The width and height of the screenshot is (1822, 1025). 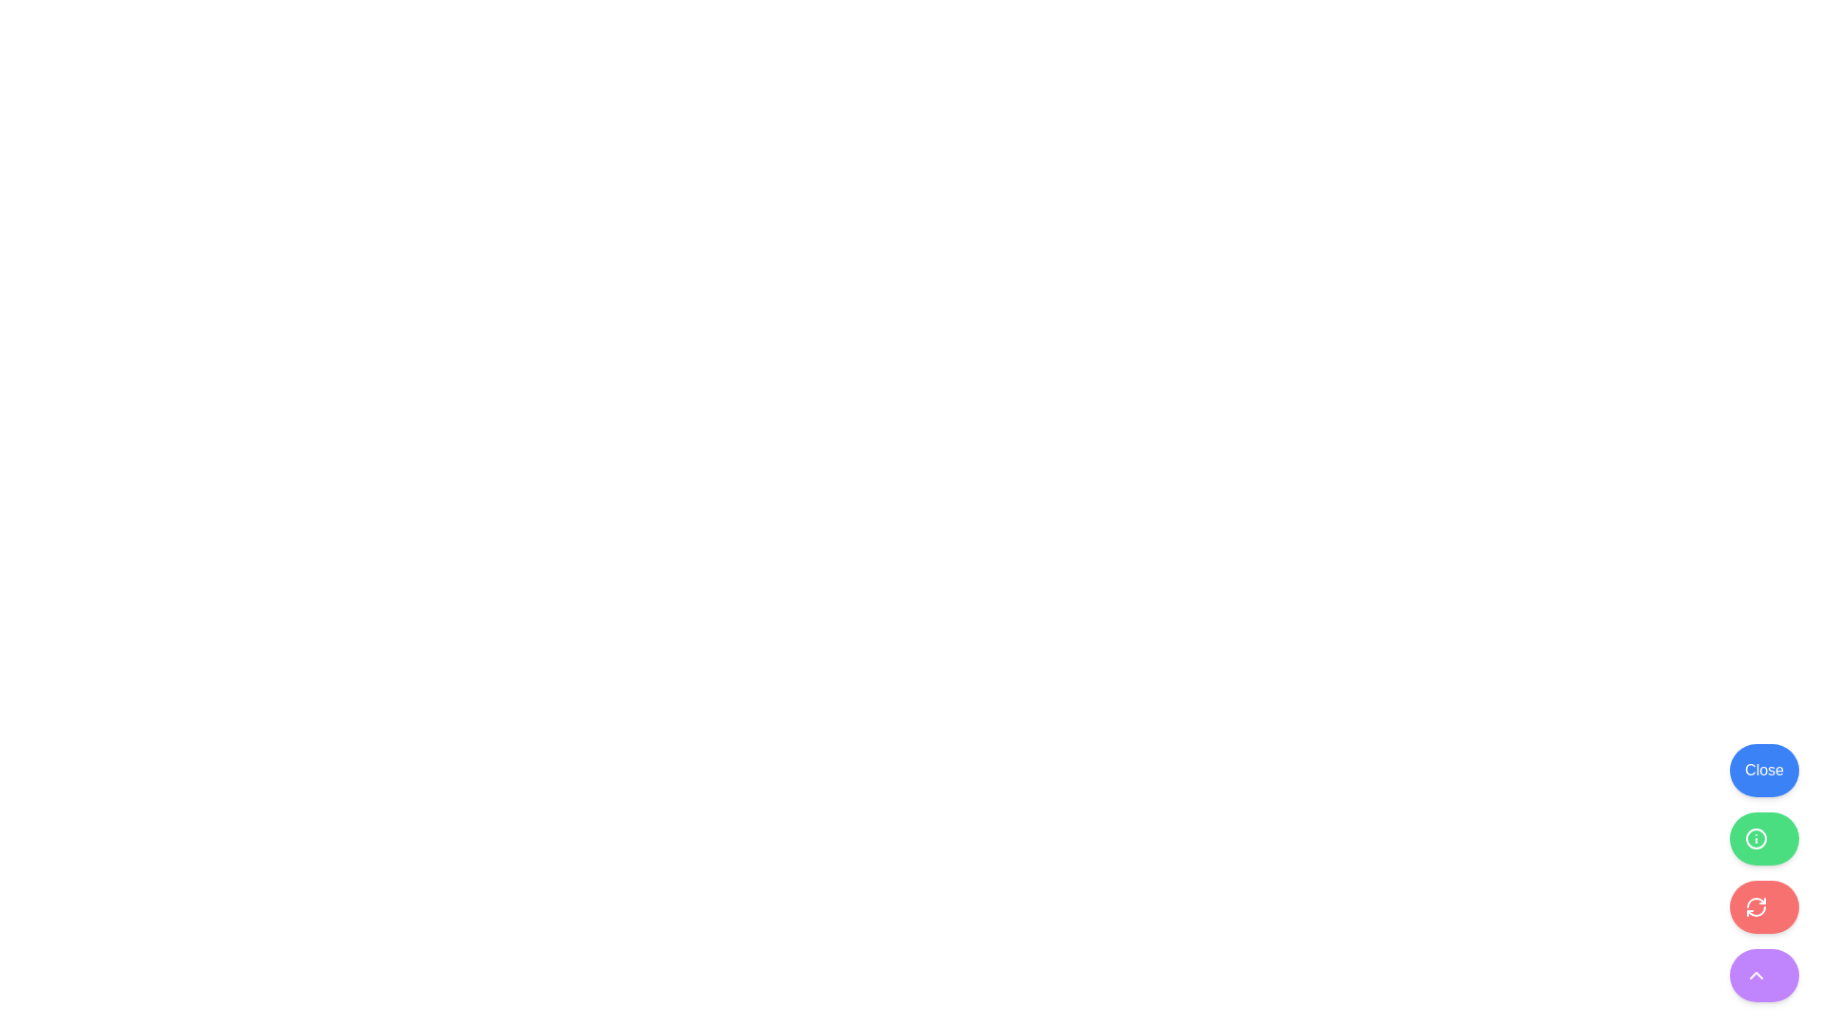 I want to click on the green circular icon button containing an information symbol in the vertical action menu, so click(x=1756, y=837).